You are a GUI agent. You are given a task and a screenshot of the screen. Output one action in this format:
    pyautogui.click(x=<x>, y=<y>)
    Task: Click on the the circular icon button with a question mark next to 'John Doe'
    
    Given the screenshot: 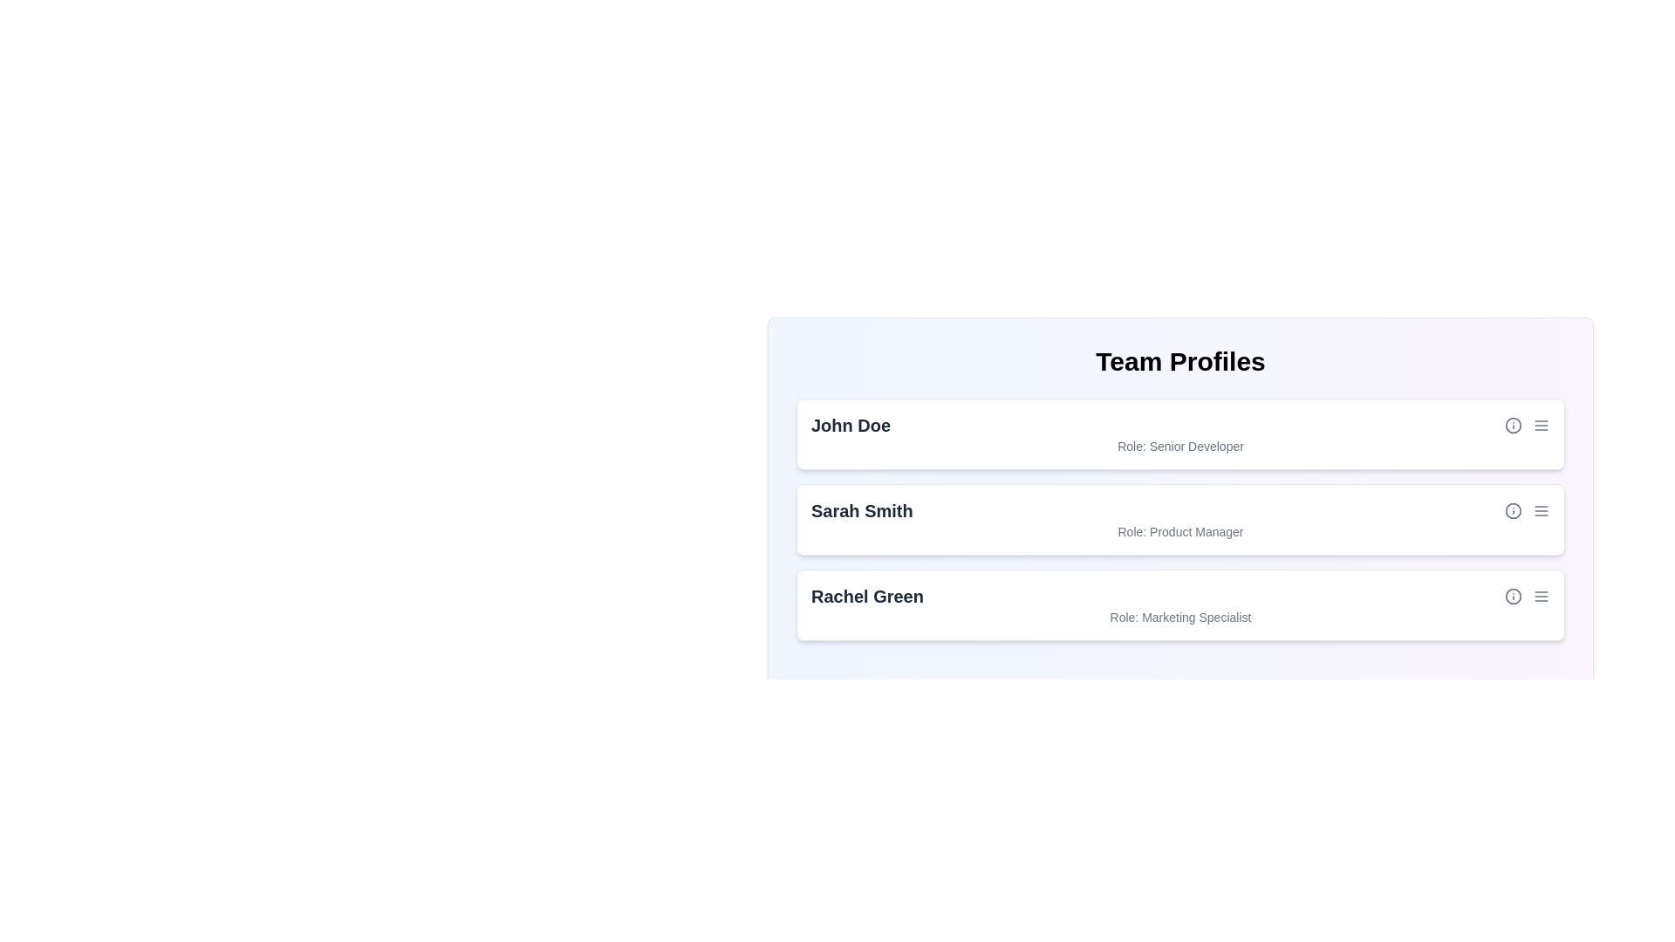 What is the action you would take?
    pyautogui.click(x=1512, y=426)
    